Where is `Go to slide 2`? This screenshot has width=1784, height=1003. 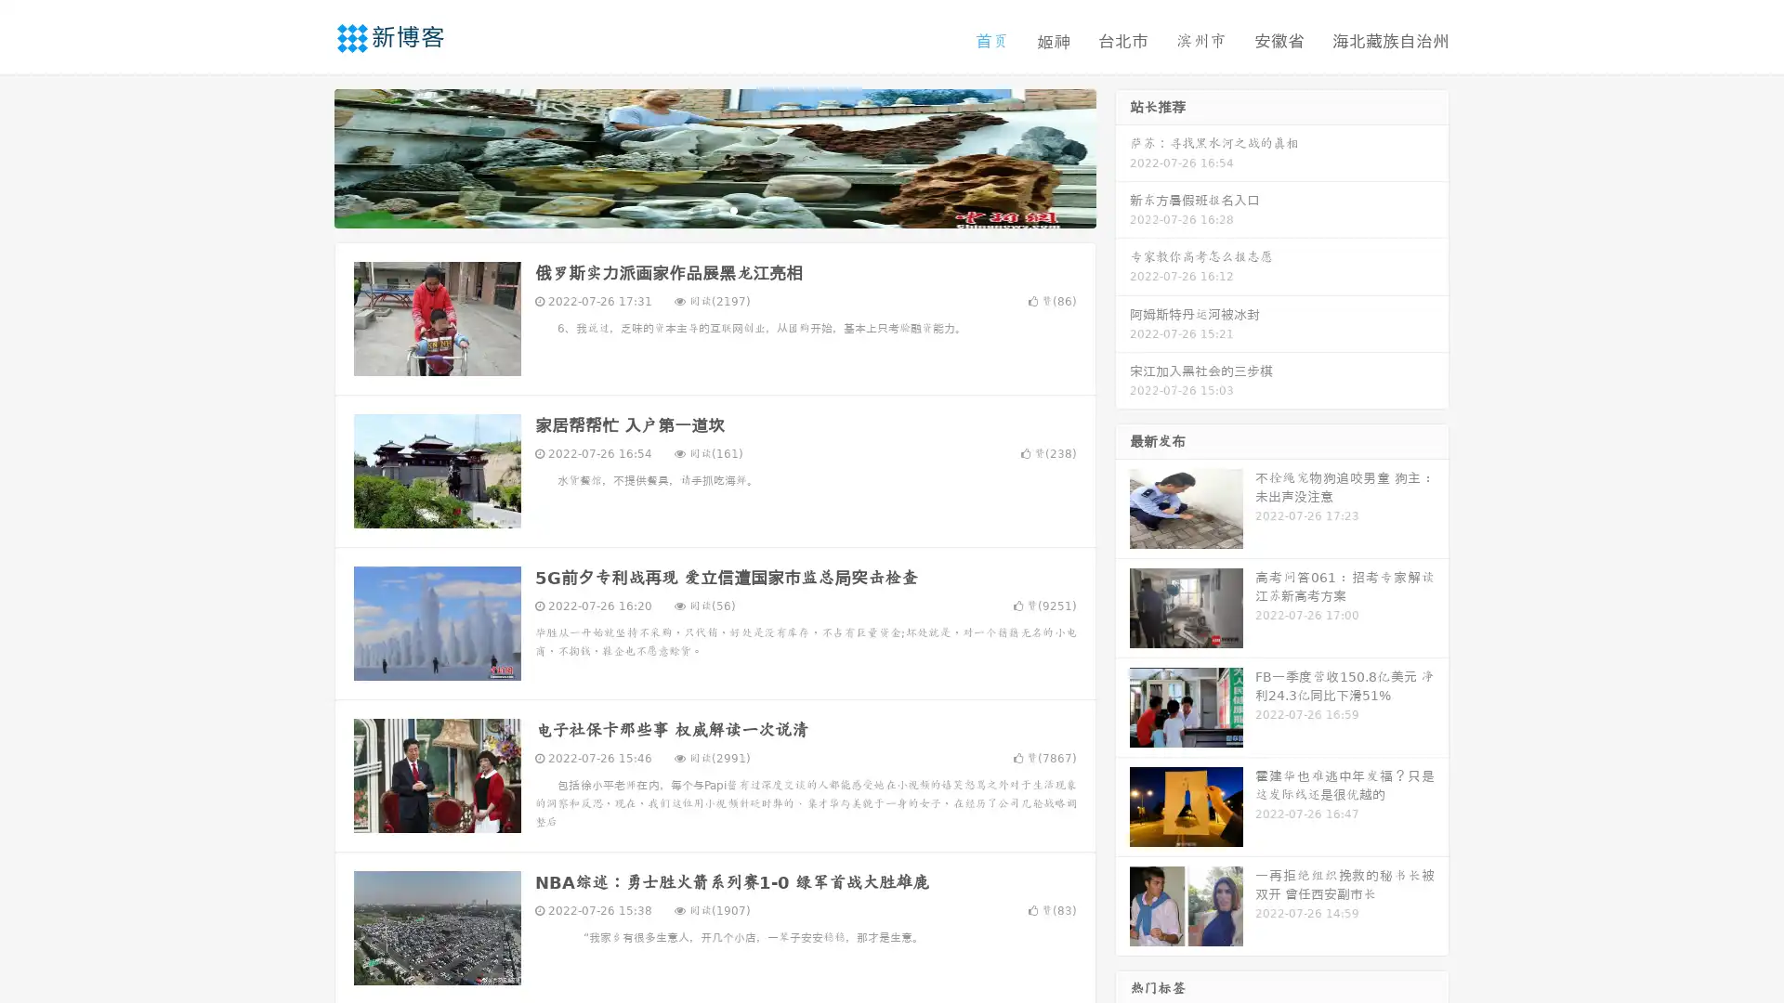
Go to slide 2 is located at coordinates (714, 209).